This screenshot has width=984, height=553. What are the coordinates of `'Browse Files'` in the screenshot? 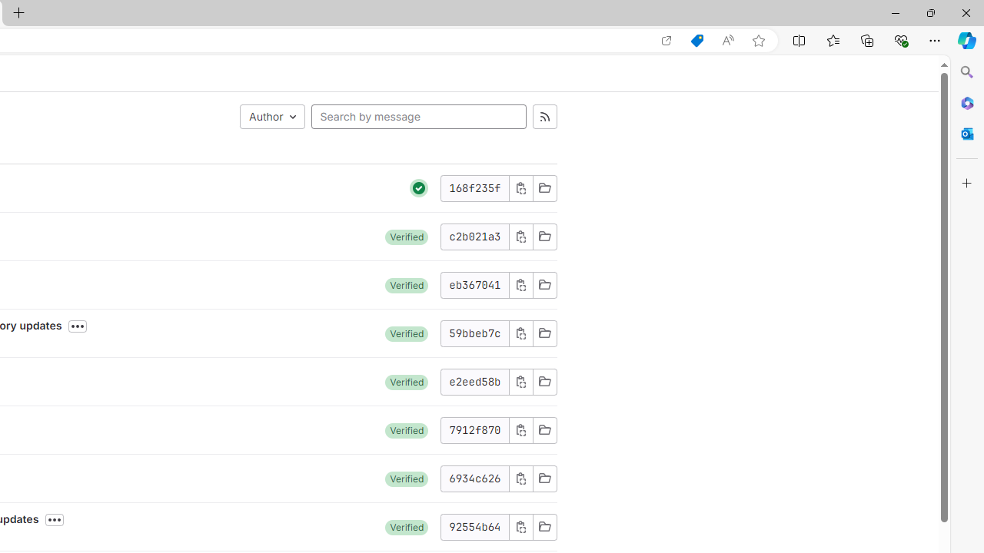 It's located at (544, 526).